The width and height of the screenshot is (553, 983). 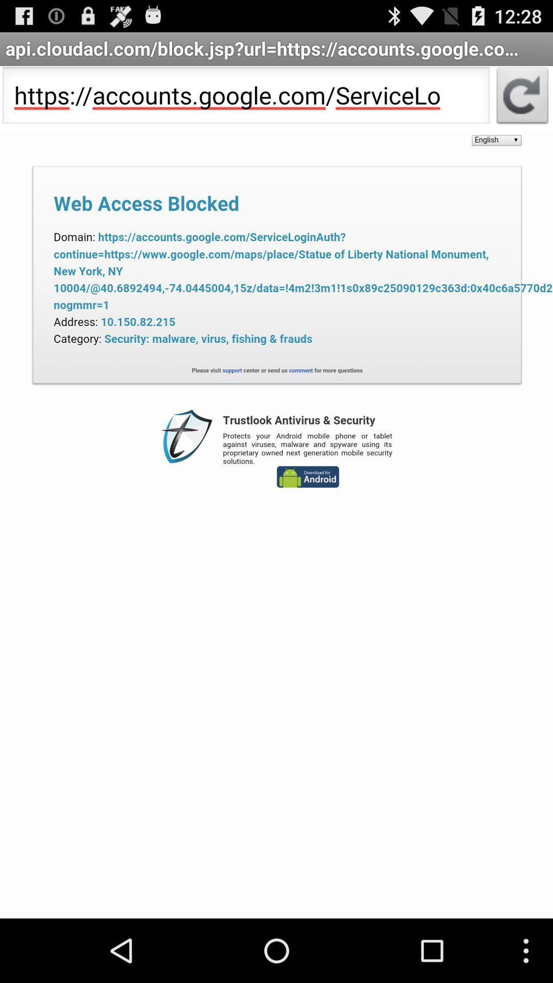 I want to click on refresh, so click(x=522, y=98).